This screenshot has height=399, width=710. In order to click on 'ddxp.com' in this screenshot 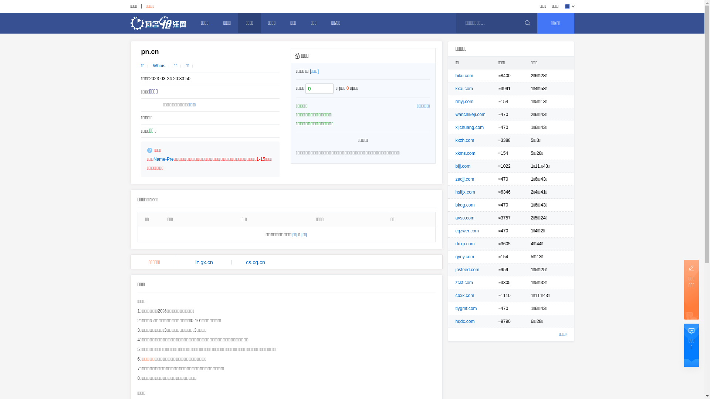, I will do `click(455, 243)`.